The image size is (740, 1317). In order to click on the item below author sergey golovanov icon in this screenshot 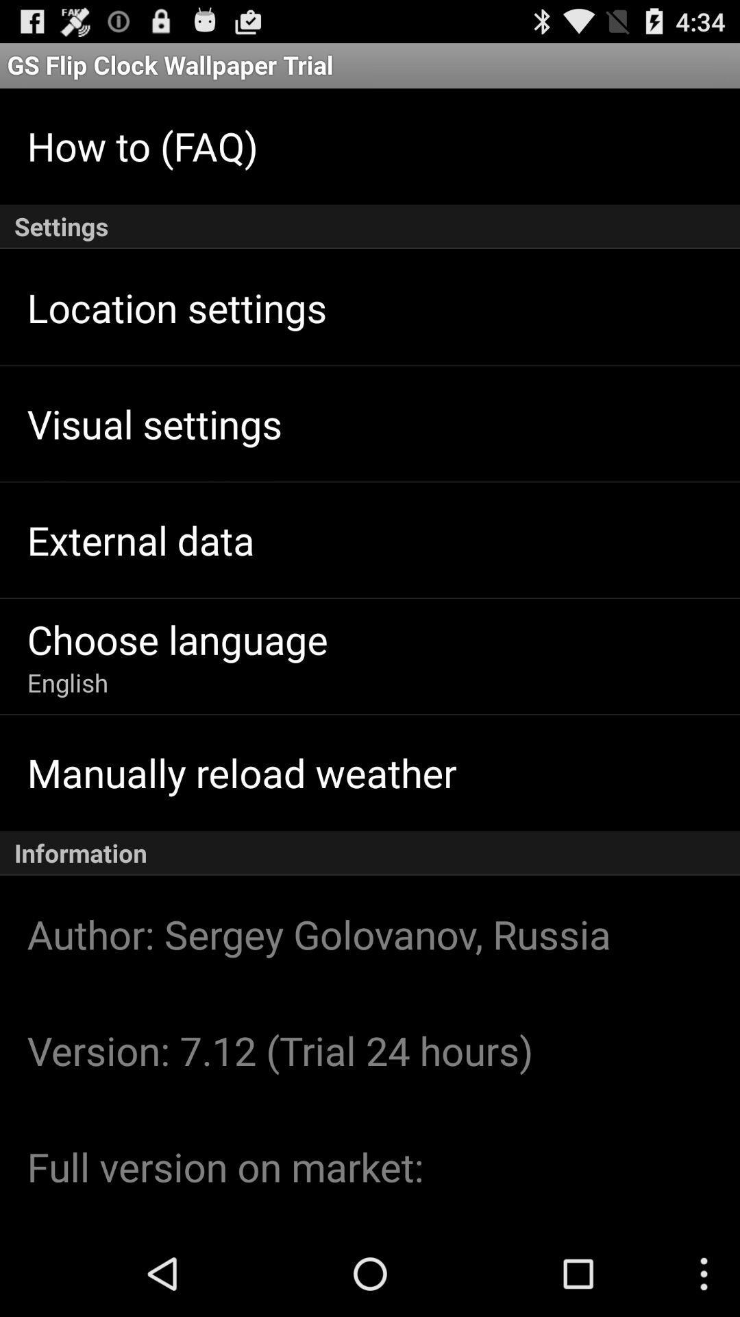, I will do `click(280, 1049)`.